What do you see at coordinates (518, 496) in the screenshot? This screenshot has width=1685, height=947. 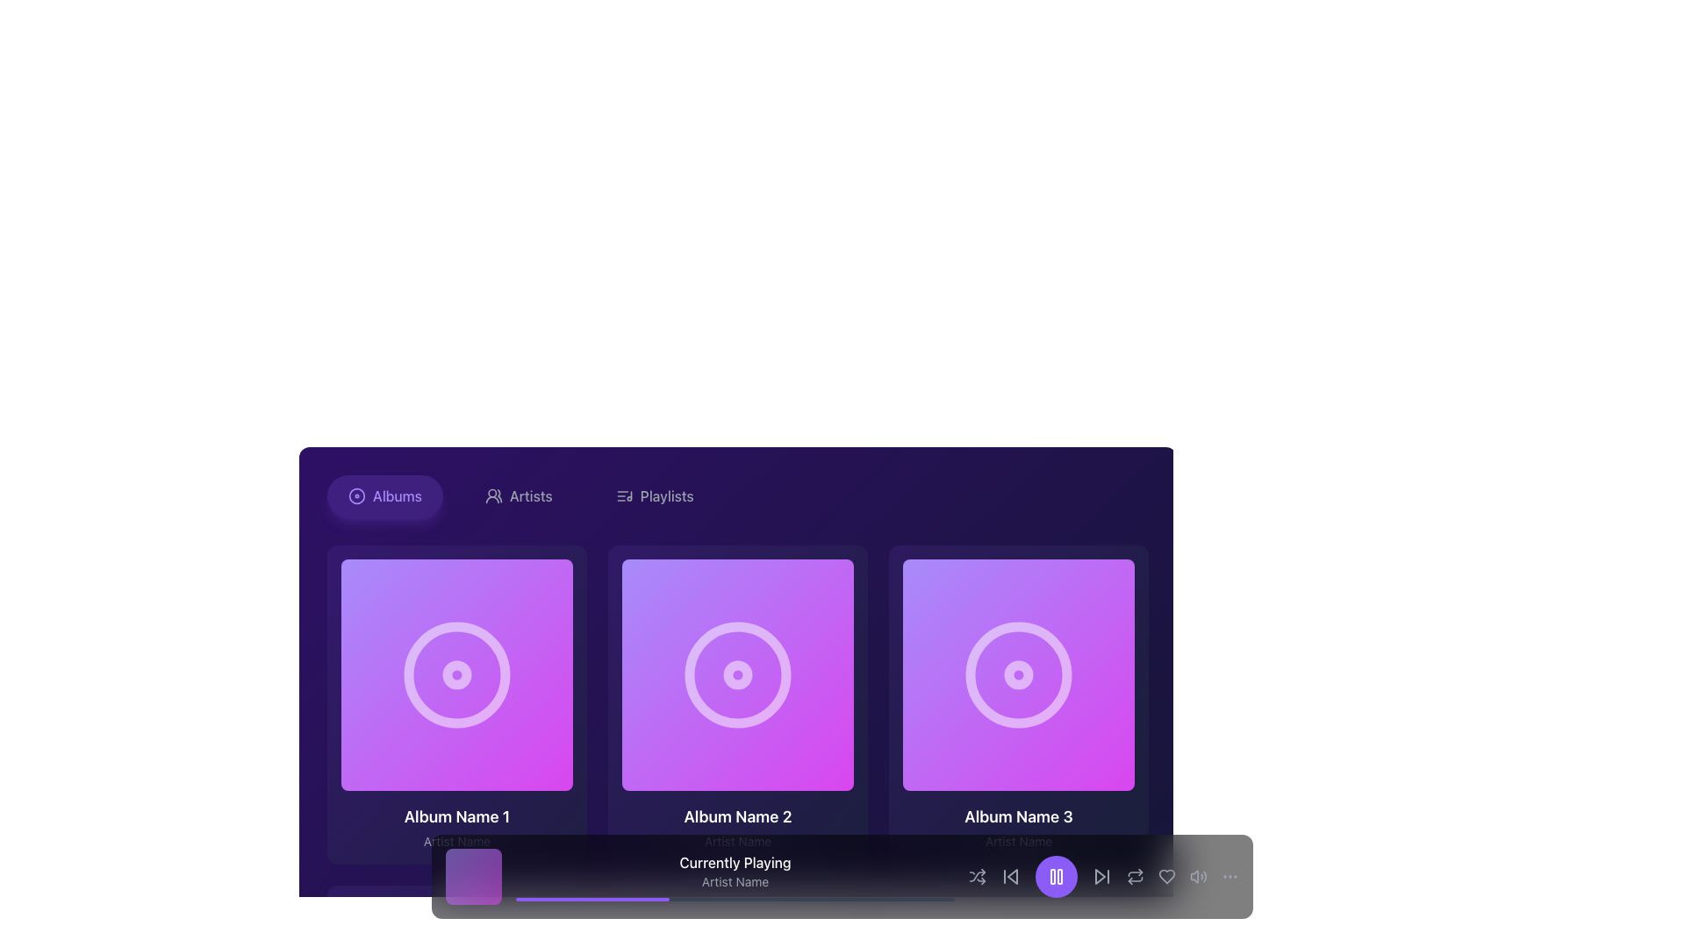 I see `the 'Artists' navigation button located between the 'Albums' and 'Playlists' buttons in the top navigation bar` at bounding box center [518, 496].